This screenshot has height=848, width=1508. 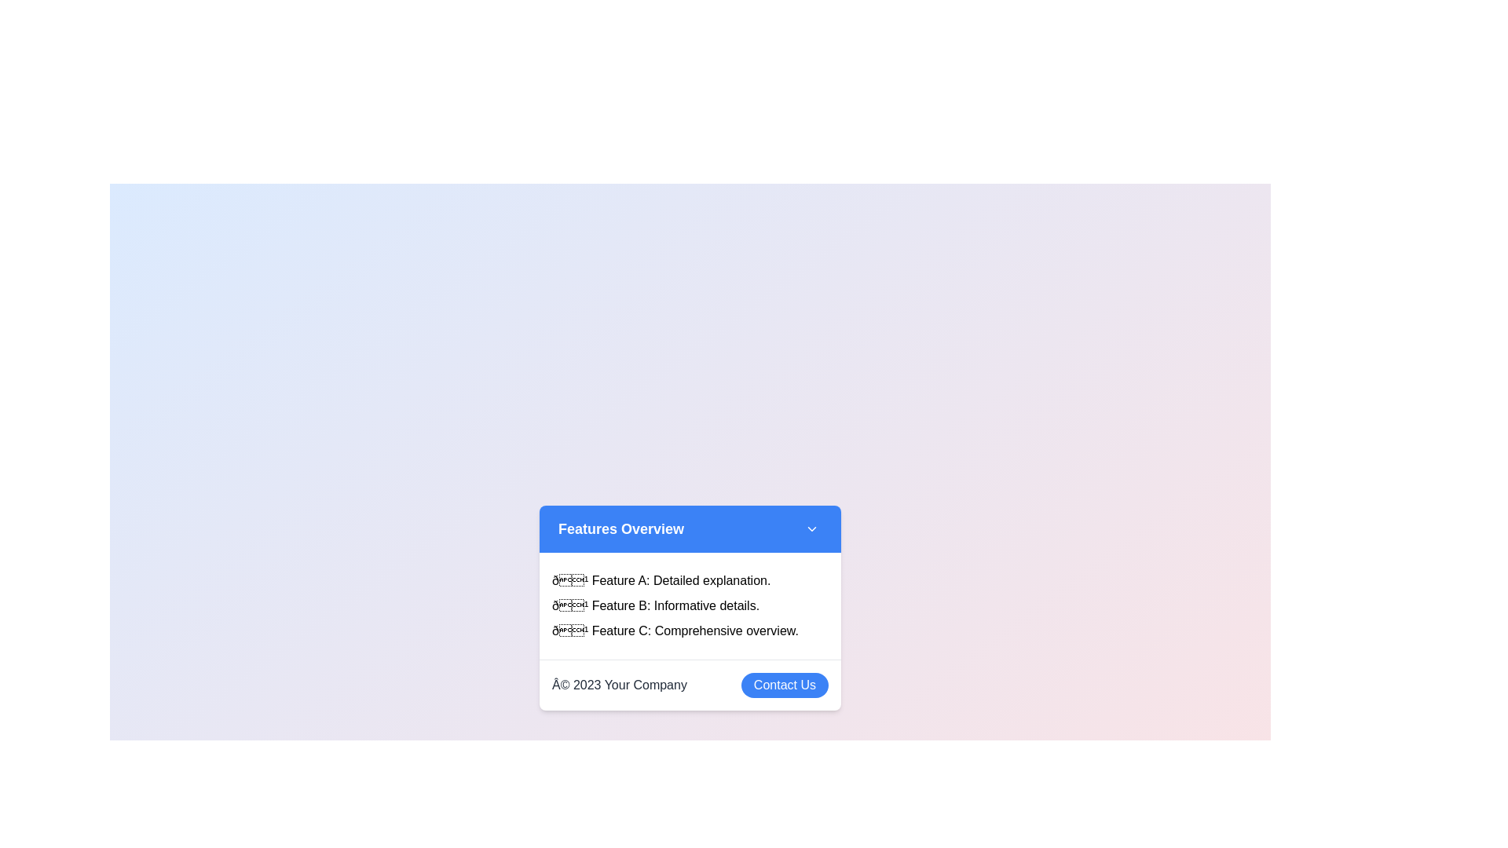 I want to click on the static text label located within the blue header bar of the dropdown component, positioned to the left of the interactive button and icon, so click(x=620, y=528).